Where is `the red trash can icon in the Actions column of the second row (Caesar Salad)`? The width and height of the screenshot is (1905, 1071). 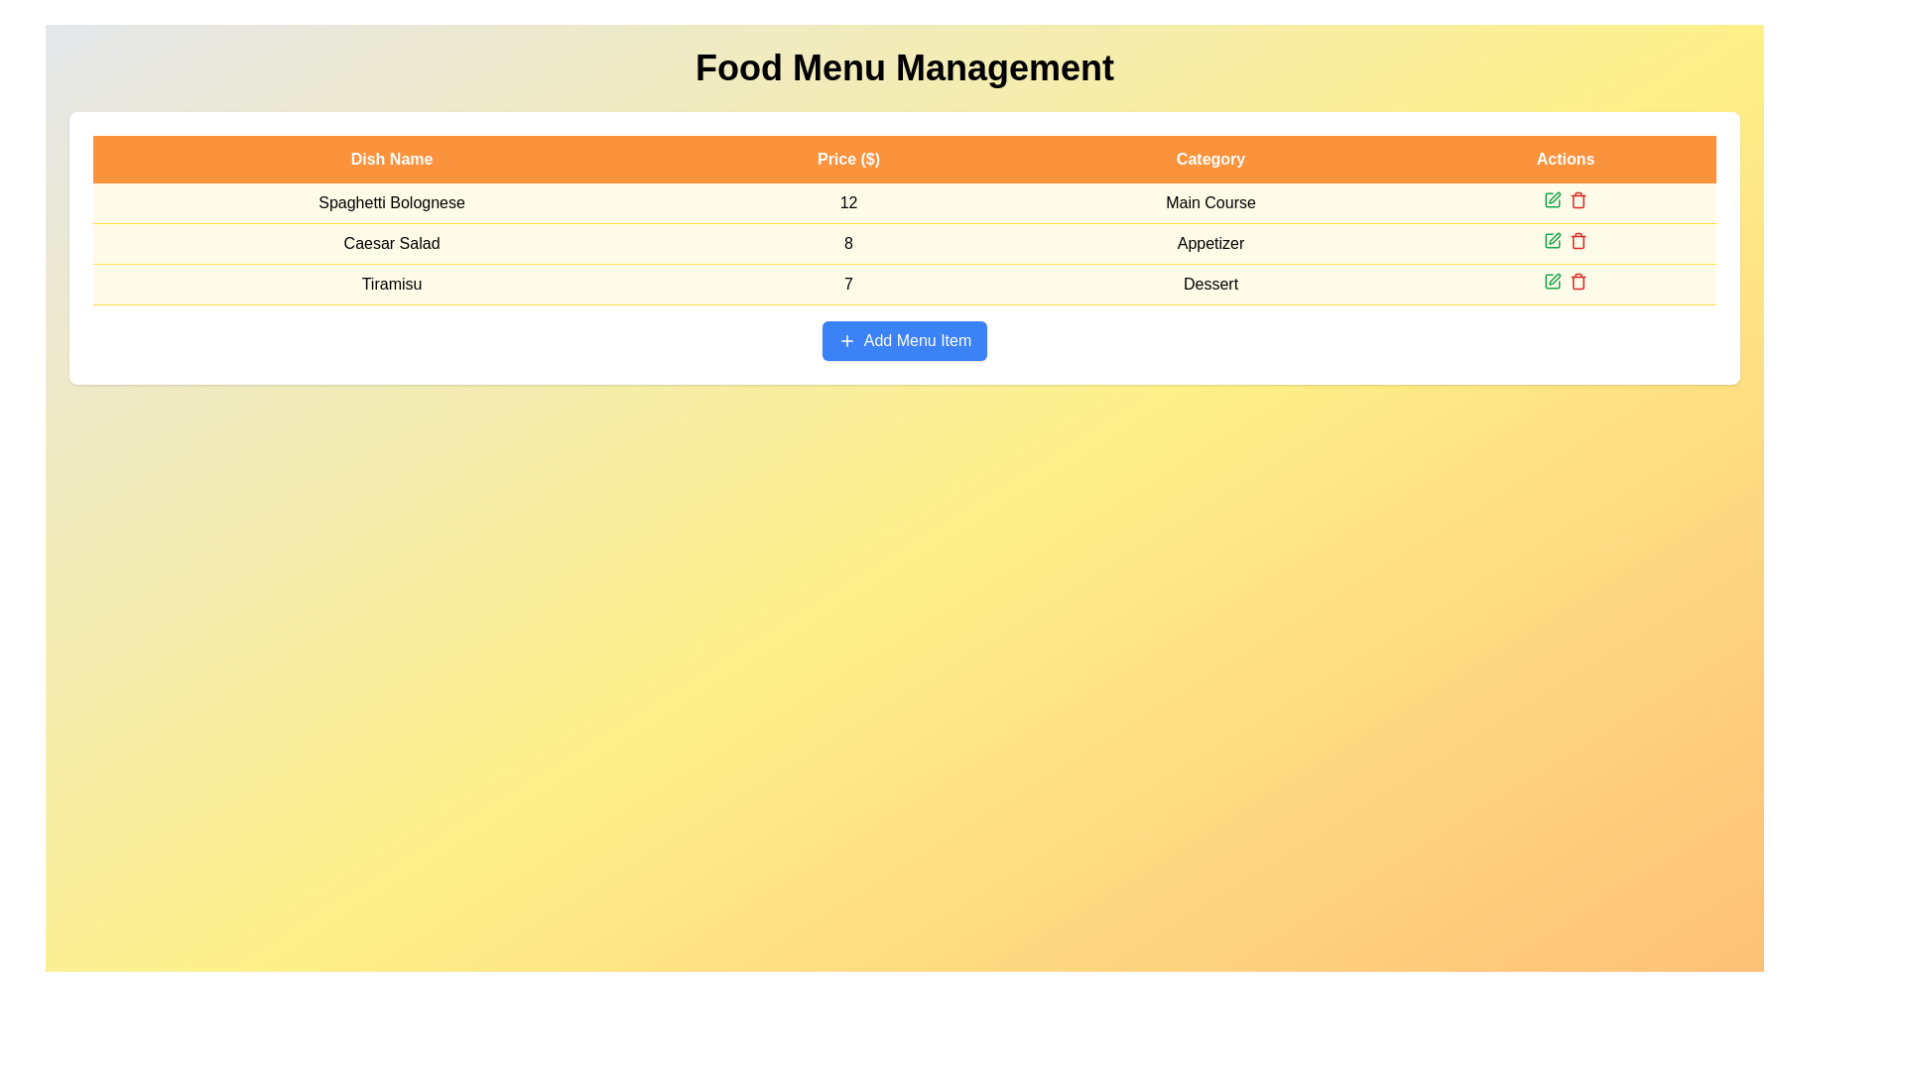 the red trash can icon in the Actions column of the second row (Caesar Salad) is located at coordinates (1578, 240).